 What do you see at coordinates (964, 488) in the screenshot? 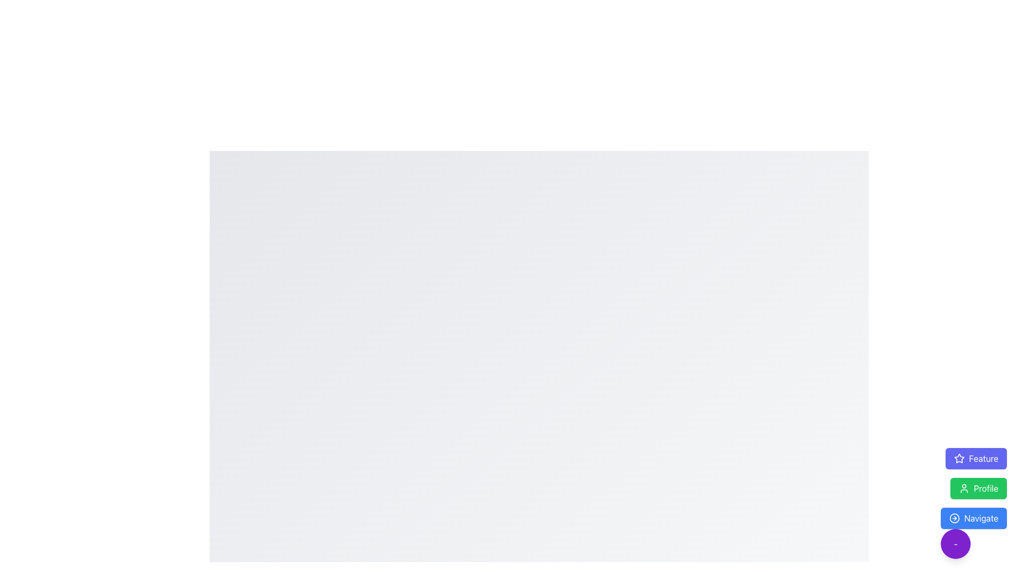
I see `the profile icon located to the left of the 'Profile' text within the profile button, enhancing user recognition of the associated action` at bounding box center [964, 488].